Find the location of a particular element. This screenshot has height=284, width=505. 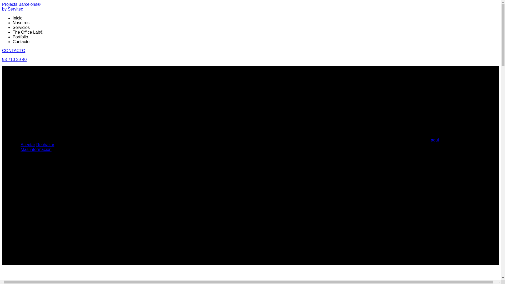

'Nosotros' is located at coordinates (13, 22).